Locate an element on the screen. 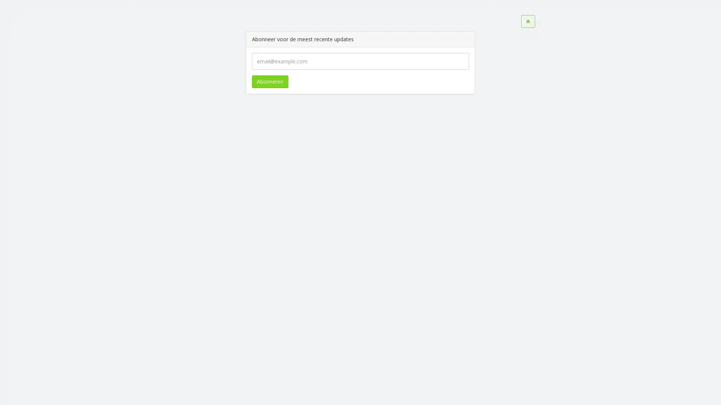 This screenshot has height=405, width=721. Abonneren is located at coordinates (270, 82).